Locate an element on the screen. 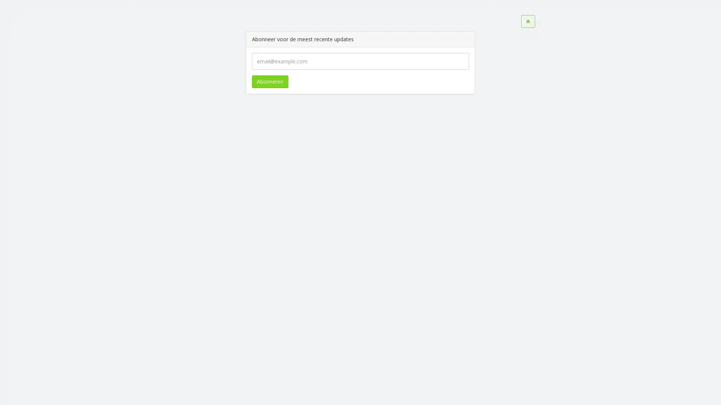 This screenshot has height=405, width=721. Abonneren is located at coordinates (270, 82).